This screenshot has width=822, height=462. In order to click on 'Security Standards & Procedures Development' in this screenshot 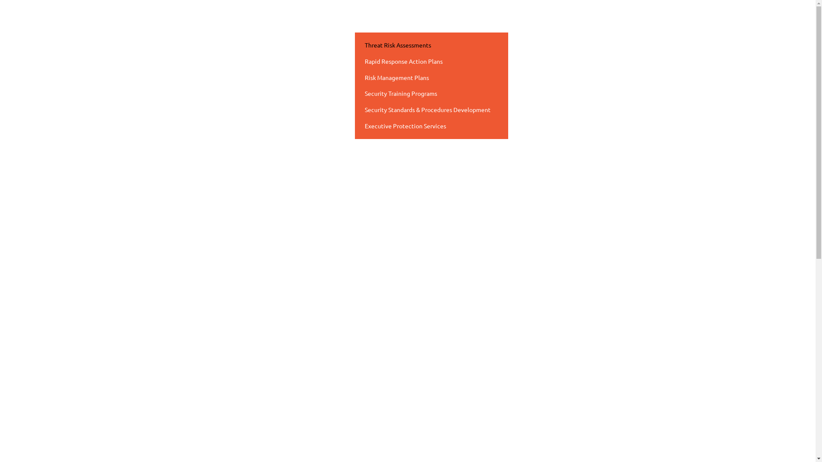, I will do `click(432, 110)`.